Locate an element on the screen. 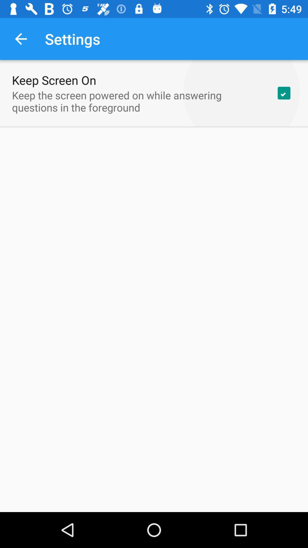  icon next to keep the screen is located at coordinates (284, 93).